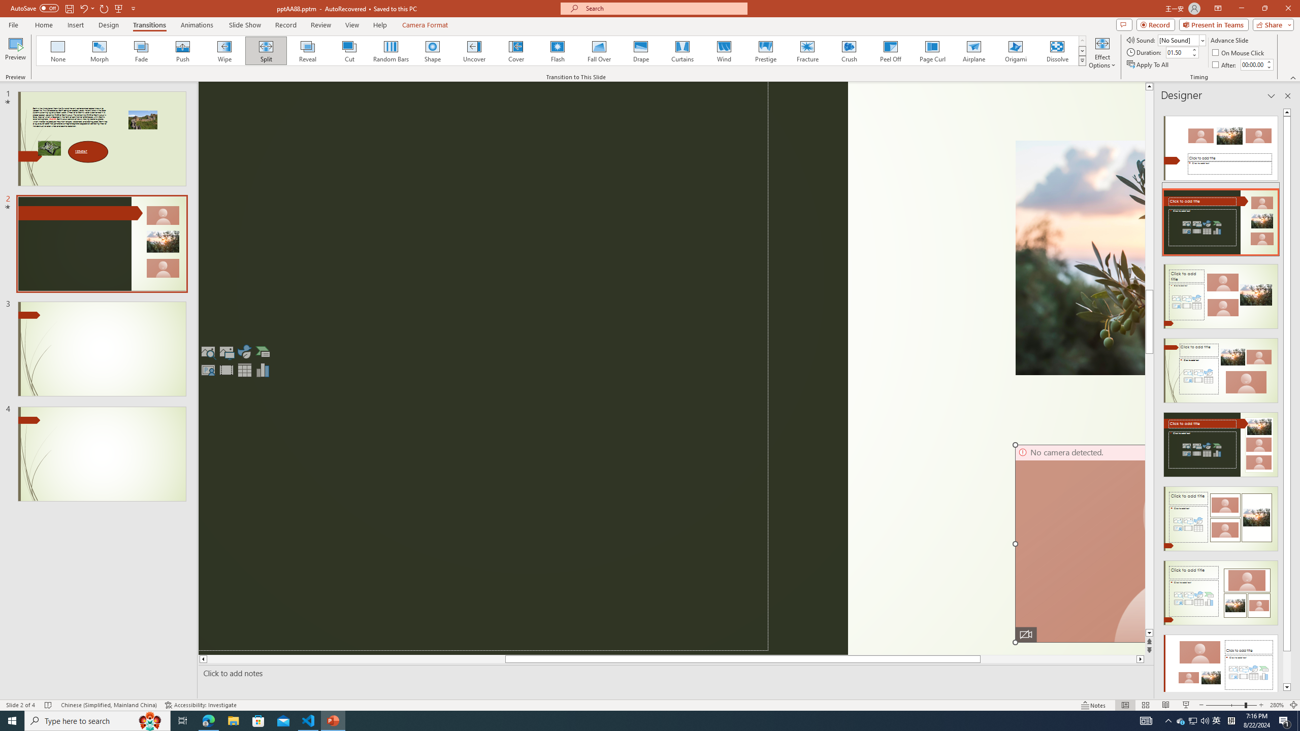 The height and width of the screenshot is (731, 1300). What do you see at coordinates (1225, 64) in the screenshot?
I see `'After'` at bounding box center [1225, 64].